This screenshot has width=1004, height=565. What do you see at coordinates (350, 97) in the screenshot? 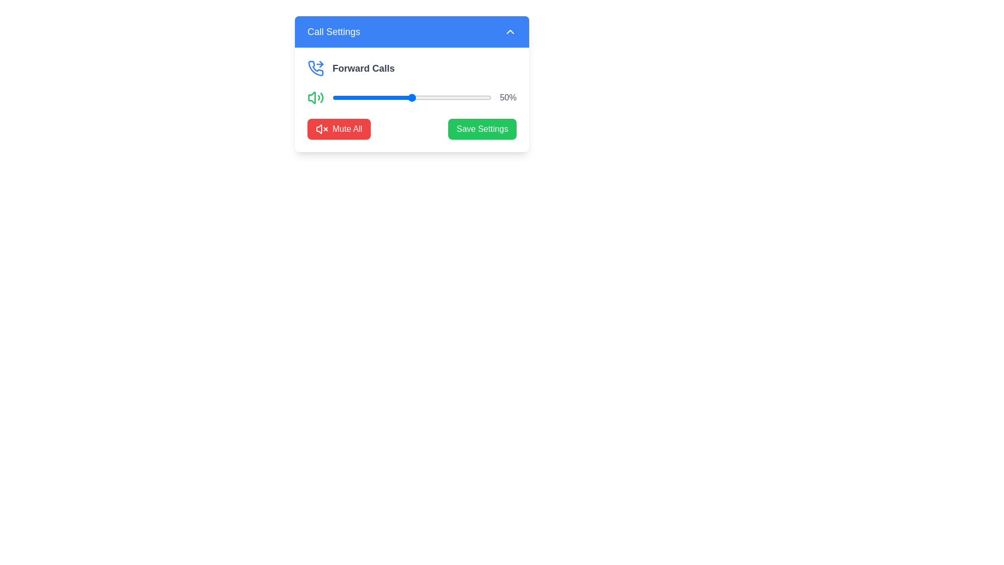
I see `the slider` at bounding box center [350, 97].